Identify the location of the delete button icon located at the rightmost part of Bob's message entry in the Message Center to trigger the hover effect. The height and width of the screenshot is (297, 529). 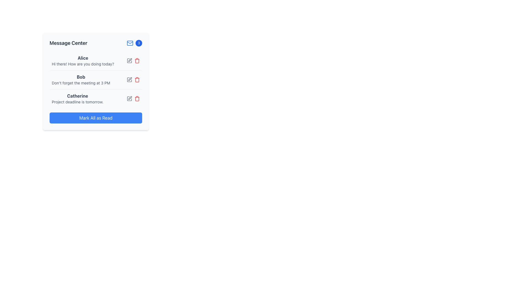
(137, 79).